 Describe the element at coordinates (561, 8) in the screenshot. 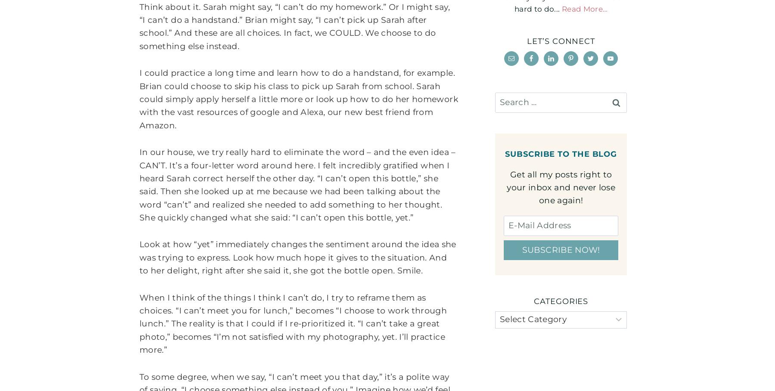

I see `'Read More…'` at that location.